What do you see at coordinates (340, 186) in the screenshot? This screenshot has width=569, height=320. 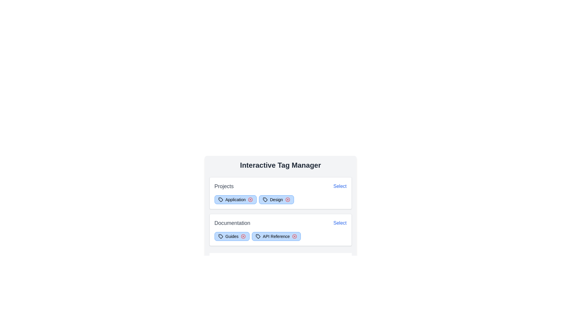 I see `the clickable link text 'Select' in the top-right corner of the 'Projects' card` at bounding box center [340, 186].